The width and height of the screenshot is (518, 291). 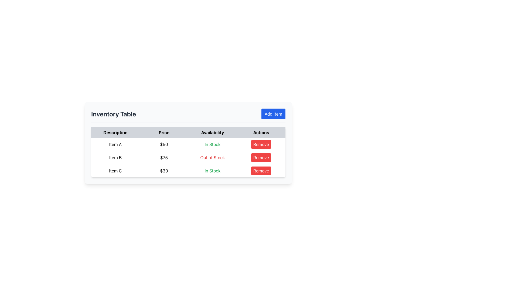 What do you see at coordinates (261, 133) in the screenshot?
I see `the text label 'Actions' which is styled in bold black typography and is the fourth header in a table layout` at bounding box center [261, 133].